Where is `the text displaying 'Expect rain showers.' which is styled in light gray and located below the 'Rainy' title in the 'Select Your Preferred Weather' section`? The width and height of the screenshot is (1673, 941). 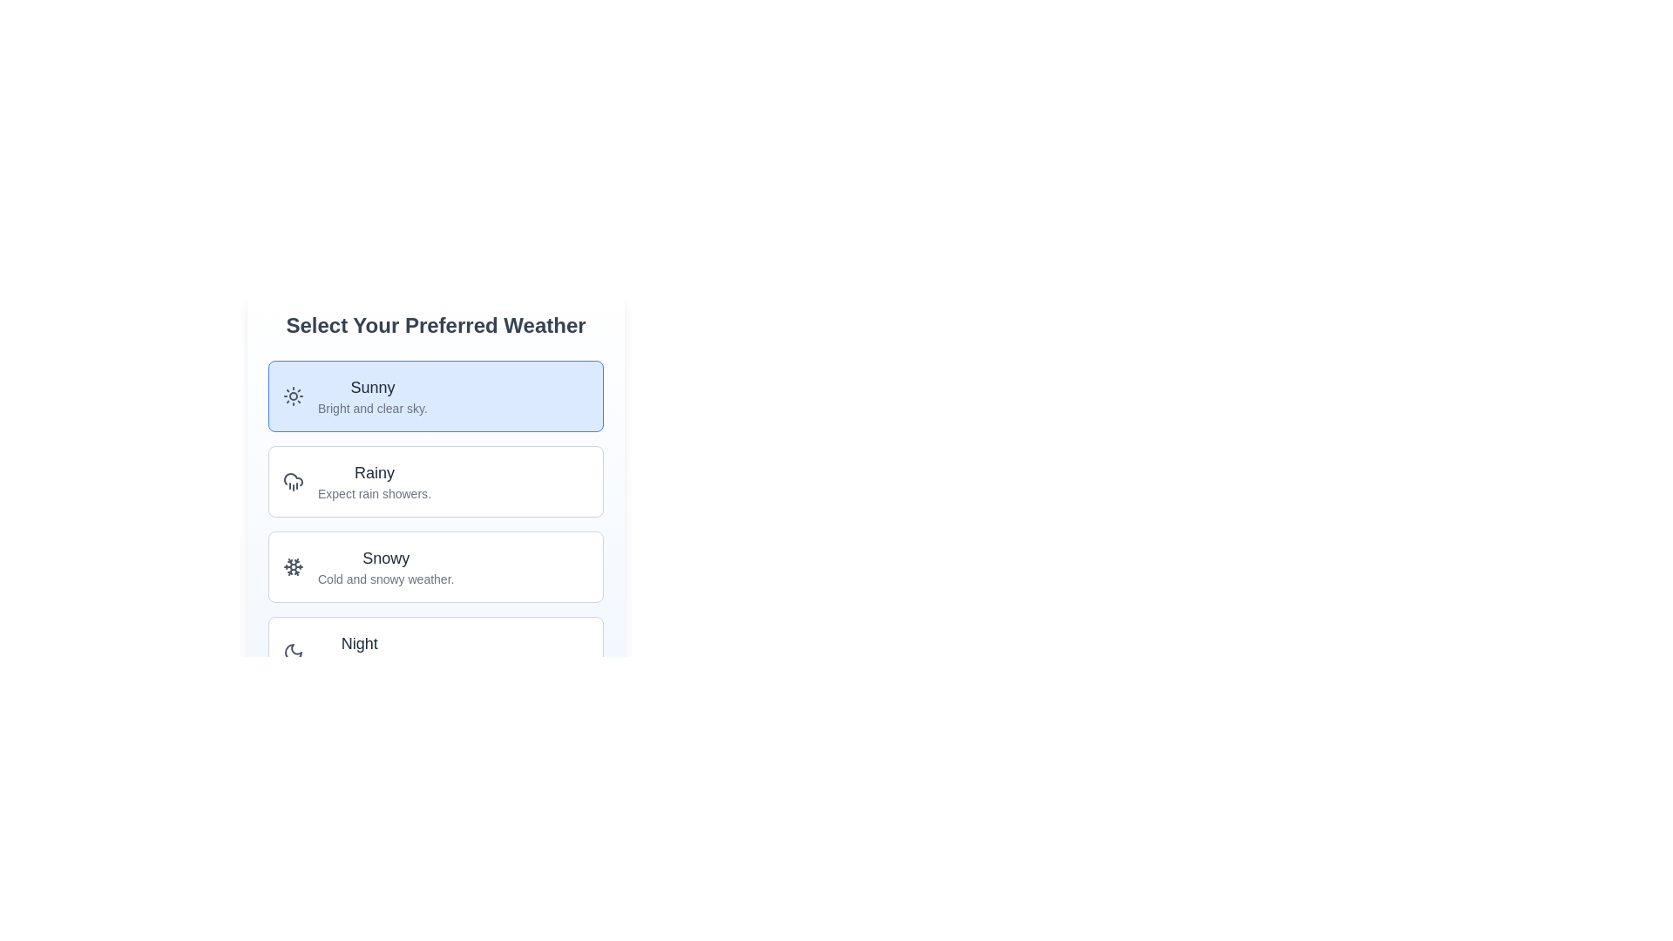 the text displaying 'Expect rain showers.' which is styled in light gray and located below the 'Rainy' title in the 'Select Your Preferred Weather' section is located at coordinates (373, 494).